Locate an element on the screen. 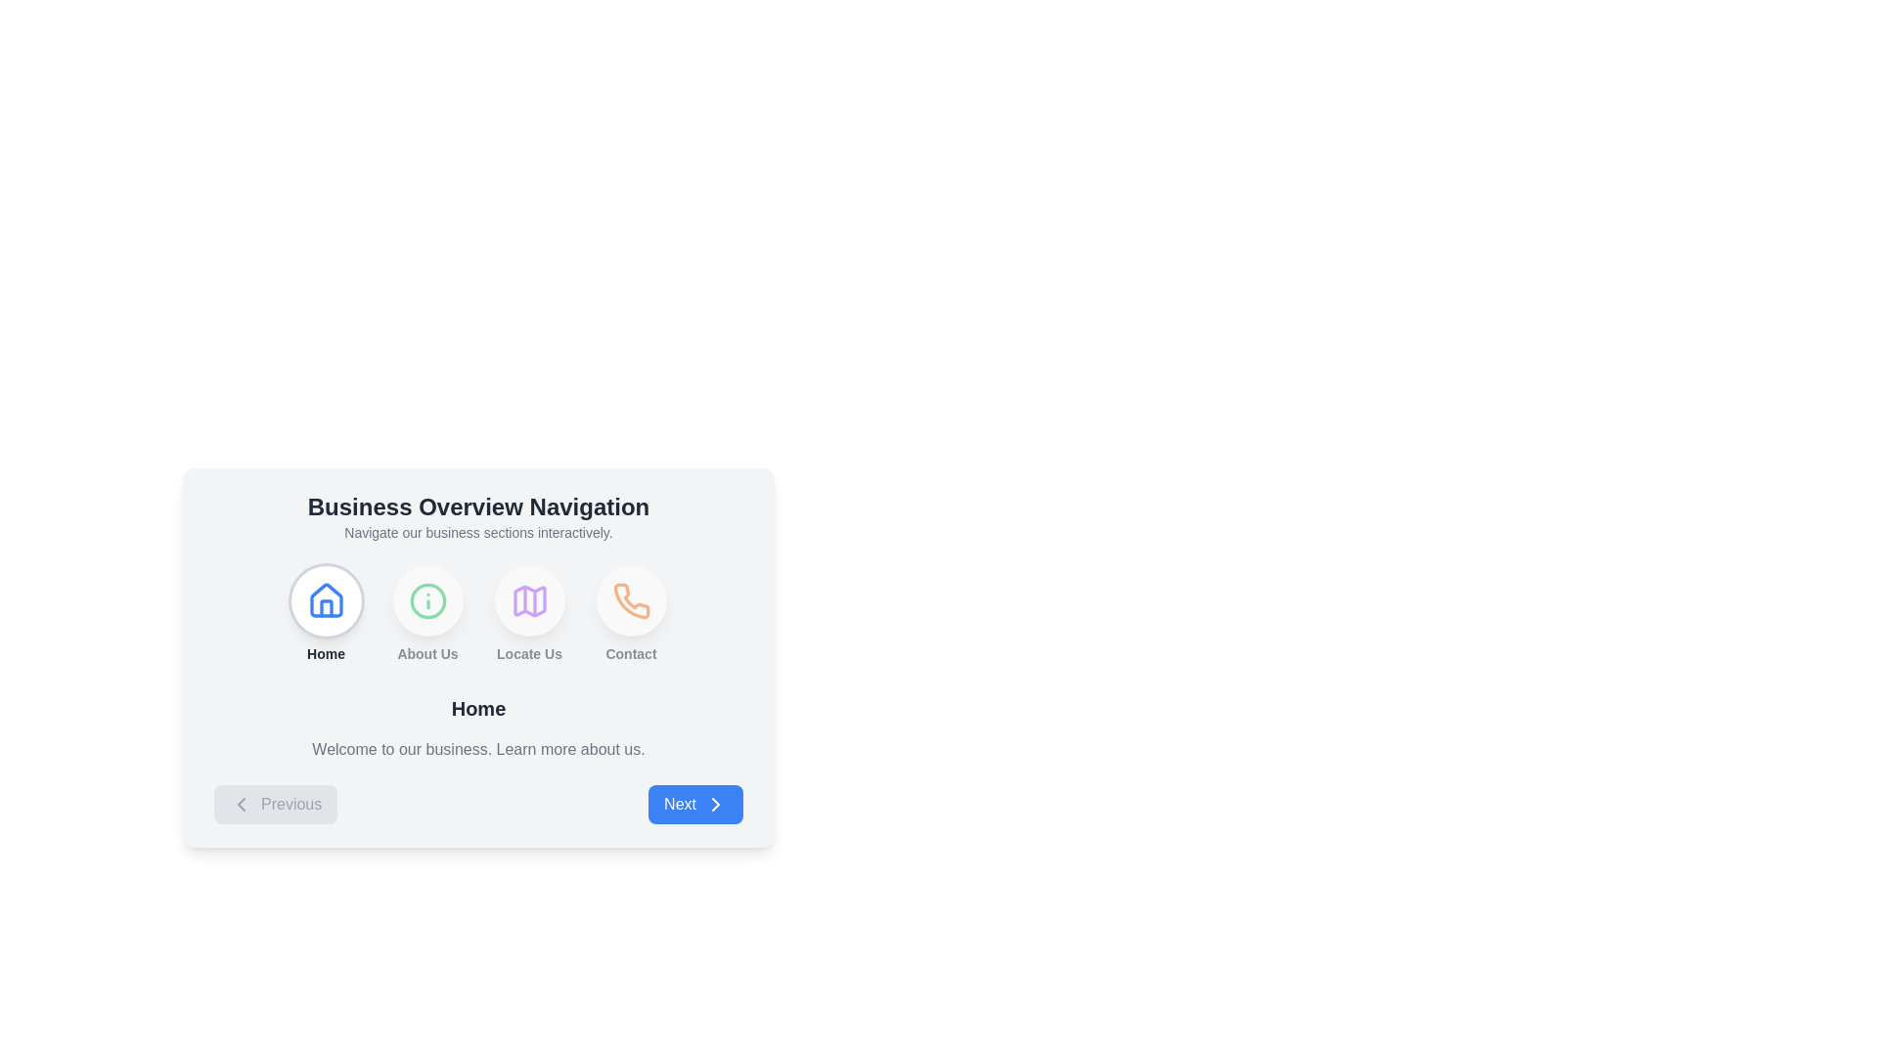  the text element that reads 'Navigate our business sections interactively', which is styled in gray and located directly below the 'Business Overview Navigation' title is located at coordinates (478, 532).